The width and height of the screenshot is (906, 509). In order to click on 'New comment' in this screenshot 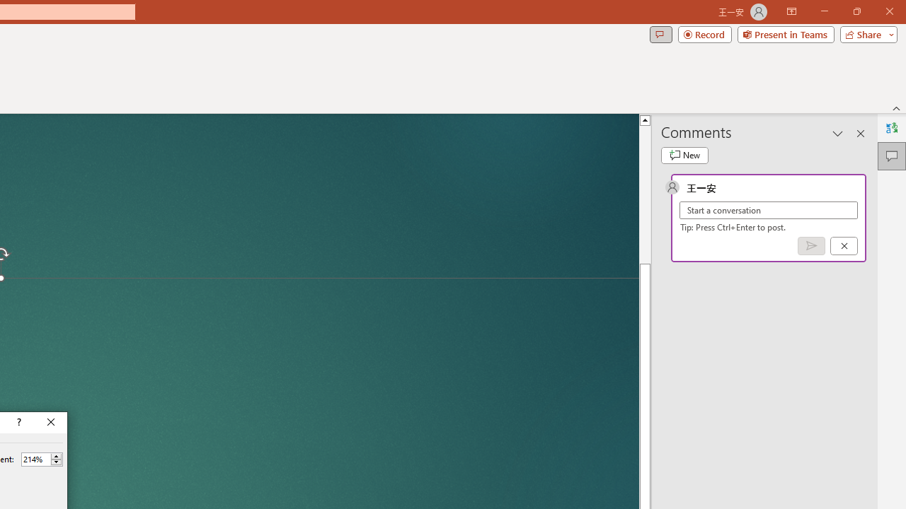, I will do `click(684, 155)`.